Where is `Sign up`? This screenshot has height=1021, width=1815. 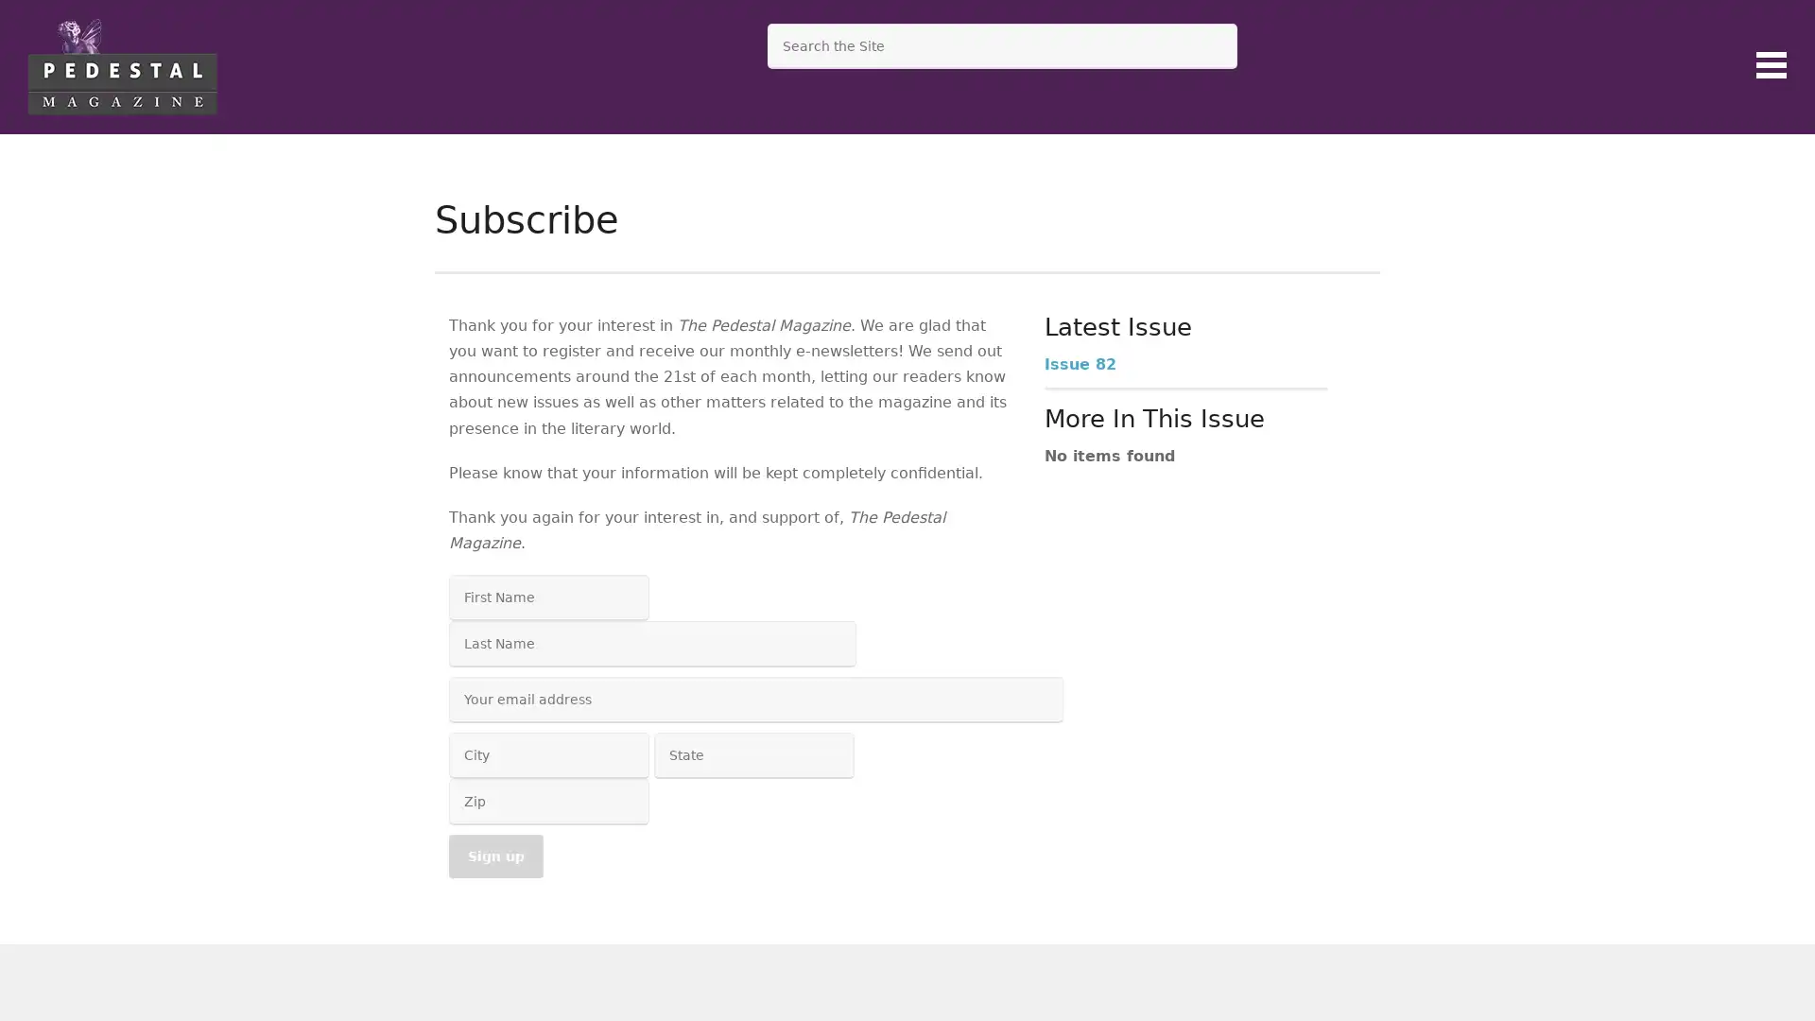
Sign up is located at coordinates (495, 857).